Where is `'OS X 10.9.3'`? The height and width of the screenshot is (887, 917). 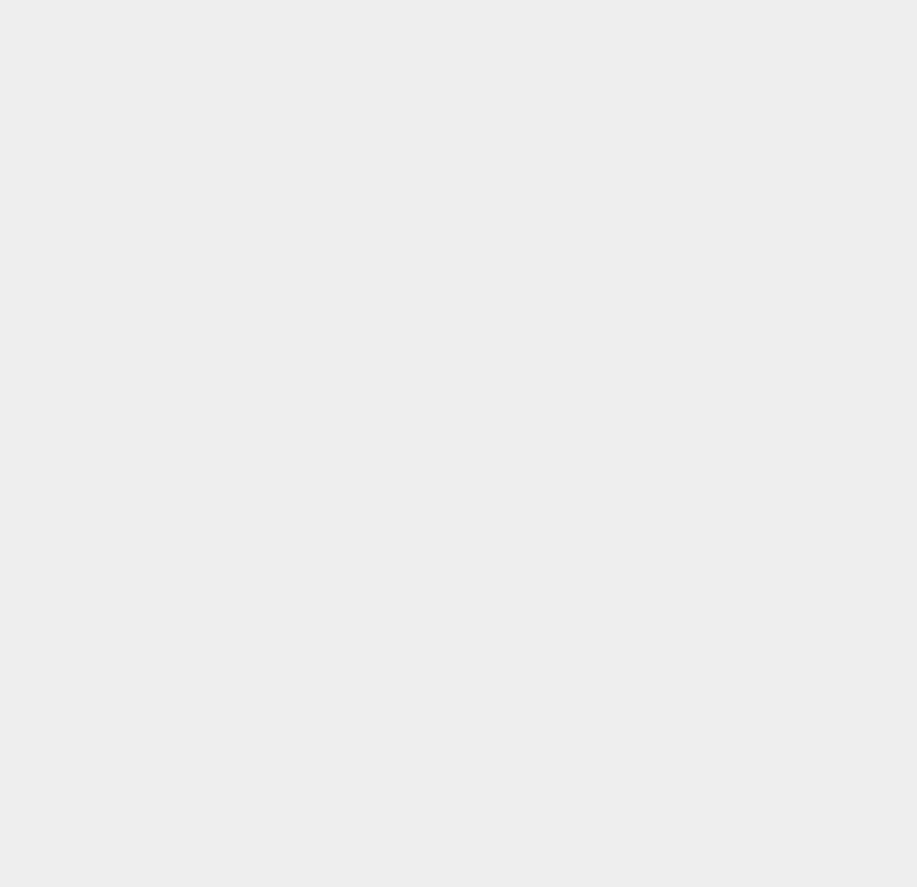 'OS X 10.9.3' is located at coordinates (679, 556).